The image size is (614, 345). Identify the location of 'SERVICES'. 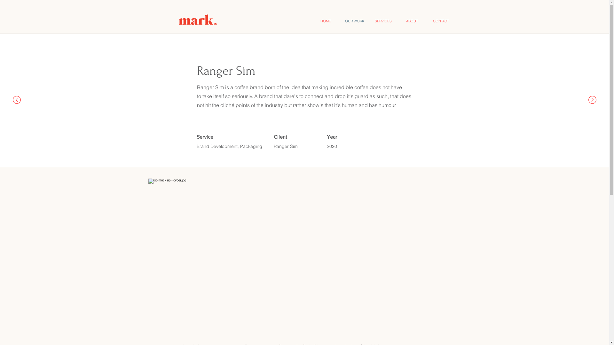
(383, 20).